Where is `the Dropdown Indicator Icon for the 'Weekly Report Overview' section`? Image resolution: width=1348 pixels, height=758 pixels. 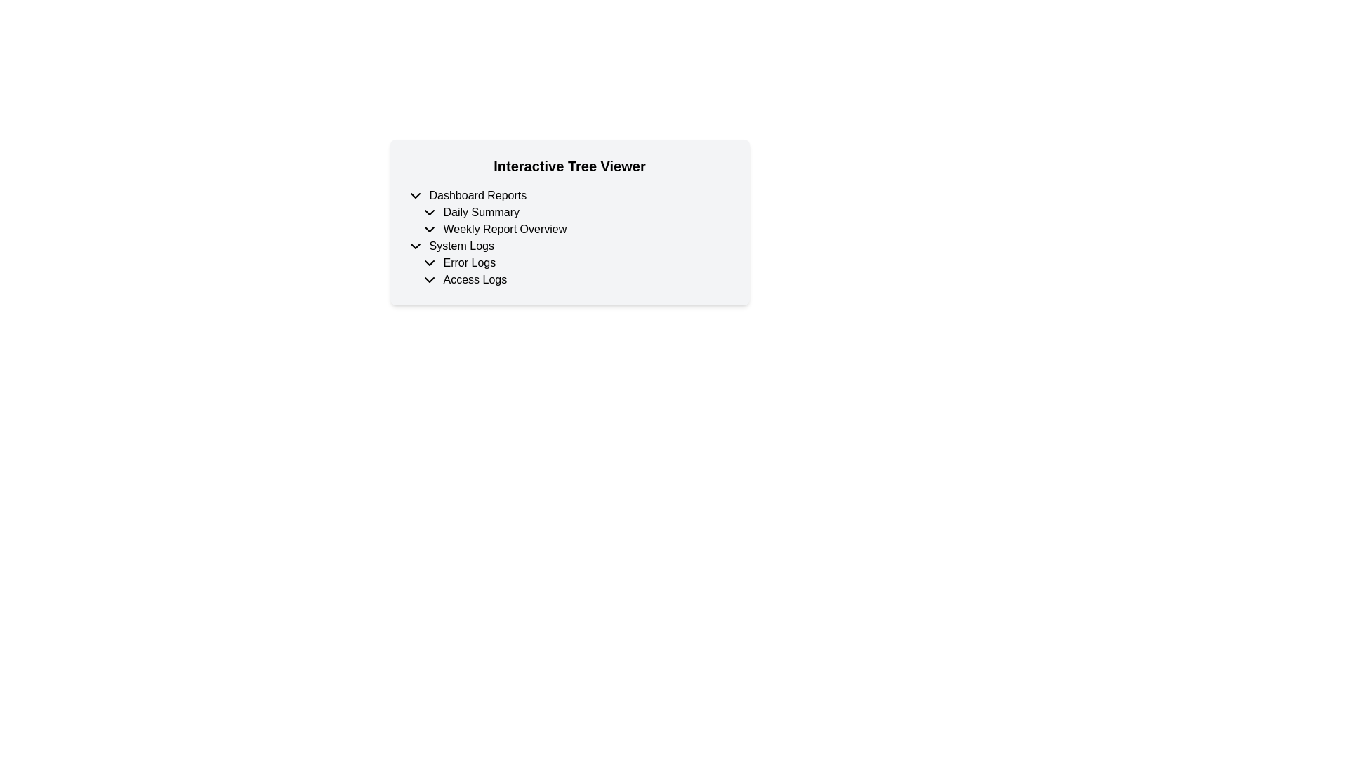
the Dropdown Indicator Icon for the 'Weekly Report Overview' section is located at coordinates (428, 229).